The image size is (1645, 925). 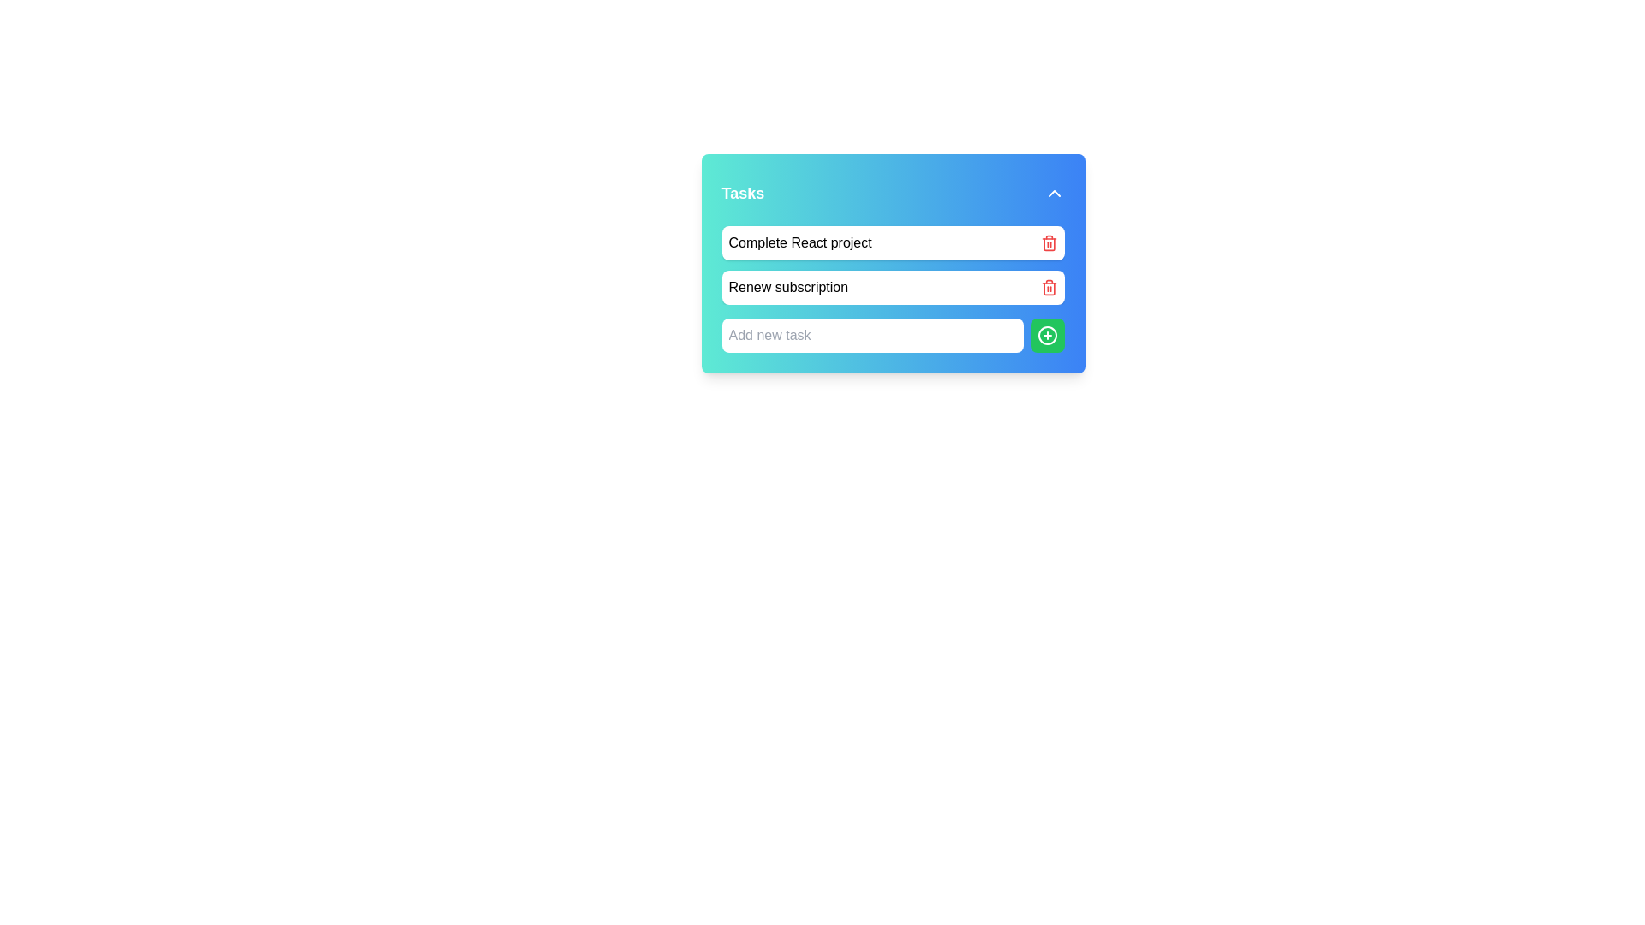 I want to click on the red trash bin icon button, so click(x=1048, y=243).